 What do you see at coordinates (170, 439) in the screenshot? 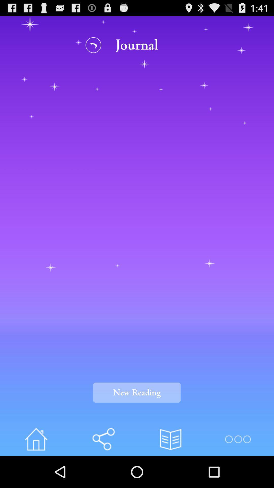
I see `journals` at bounding box center [170, 439].